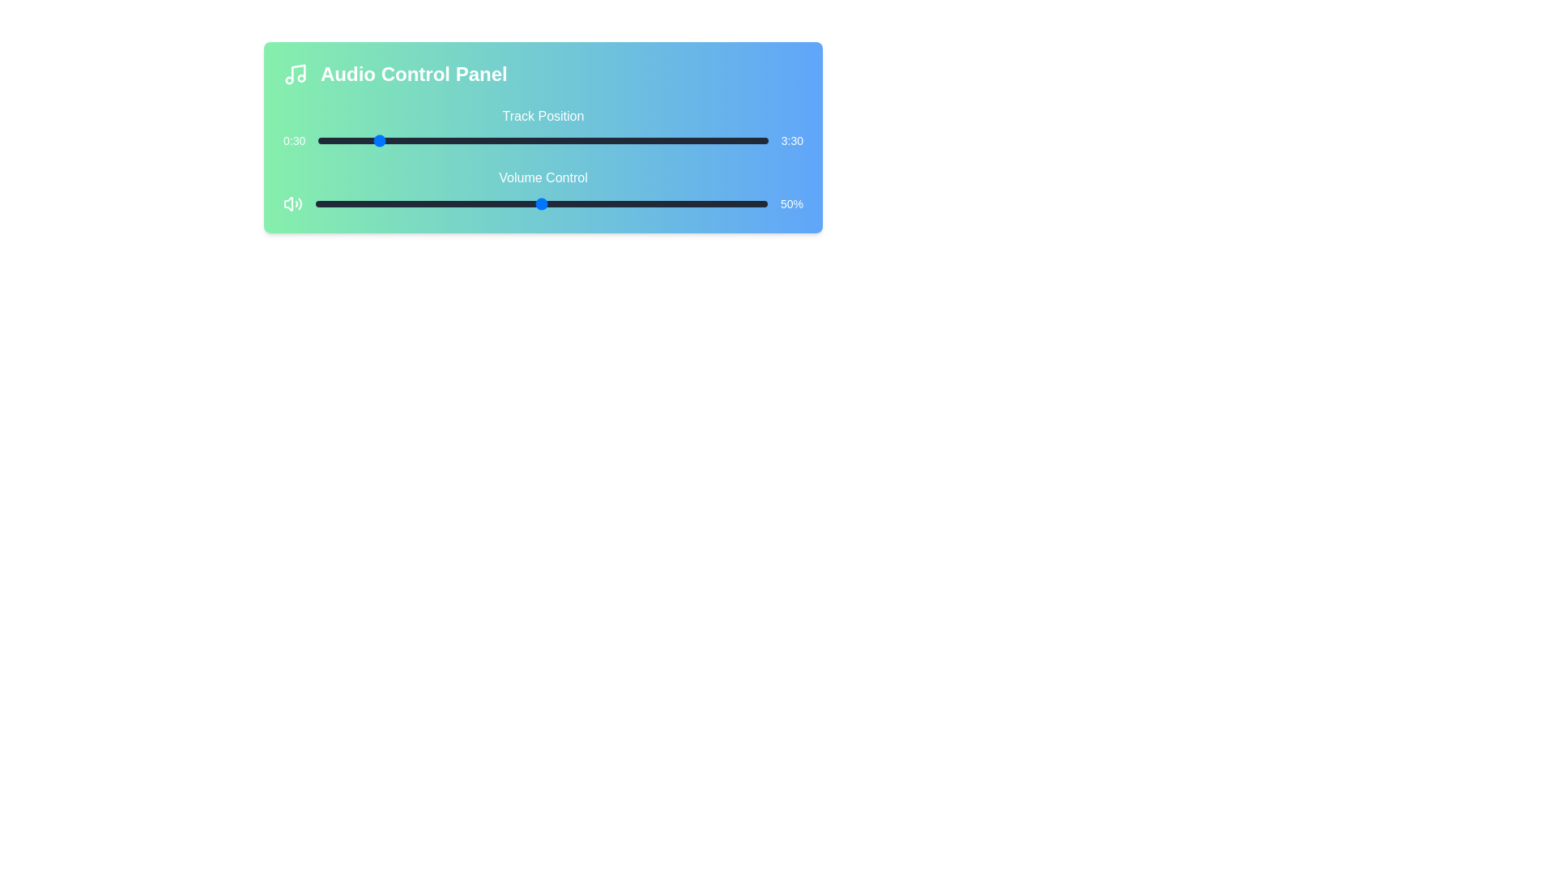 The width and height of the screenshot is (1555, 875). Describe the element at coordinates (473, 203) in the screenshot. I see `the volume level to 35%` at that location.